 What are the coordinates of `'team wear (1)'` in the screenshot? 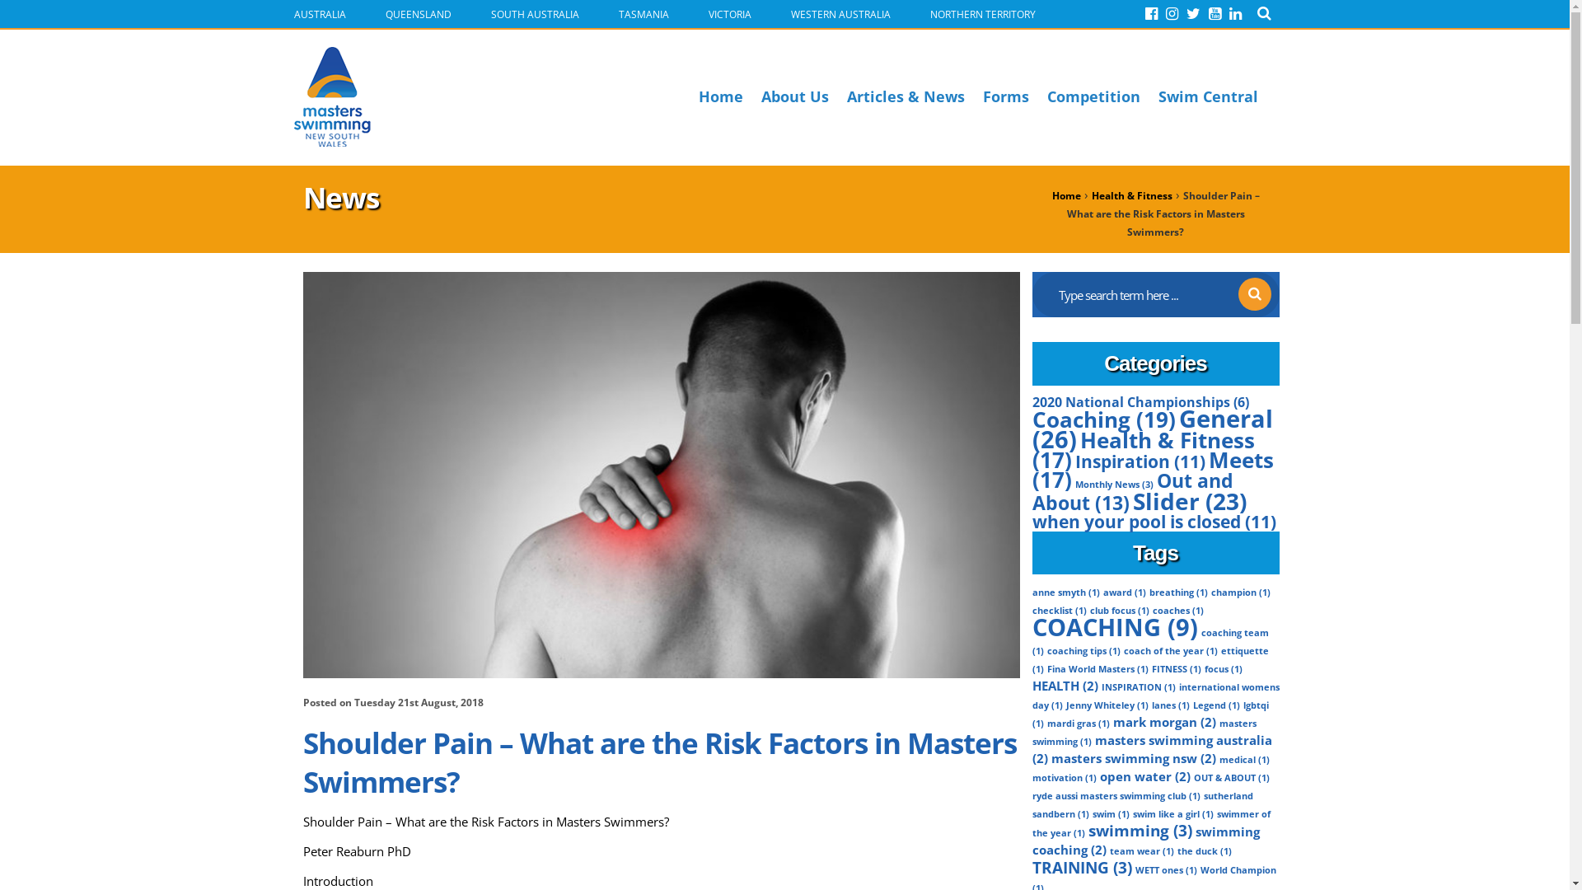 It's located at (1108, 851).